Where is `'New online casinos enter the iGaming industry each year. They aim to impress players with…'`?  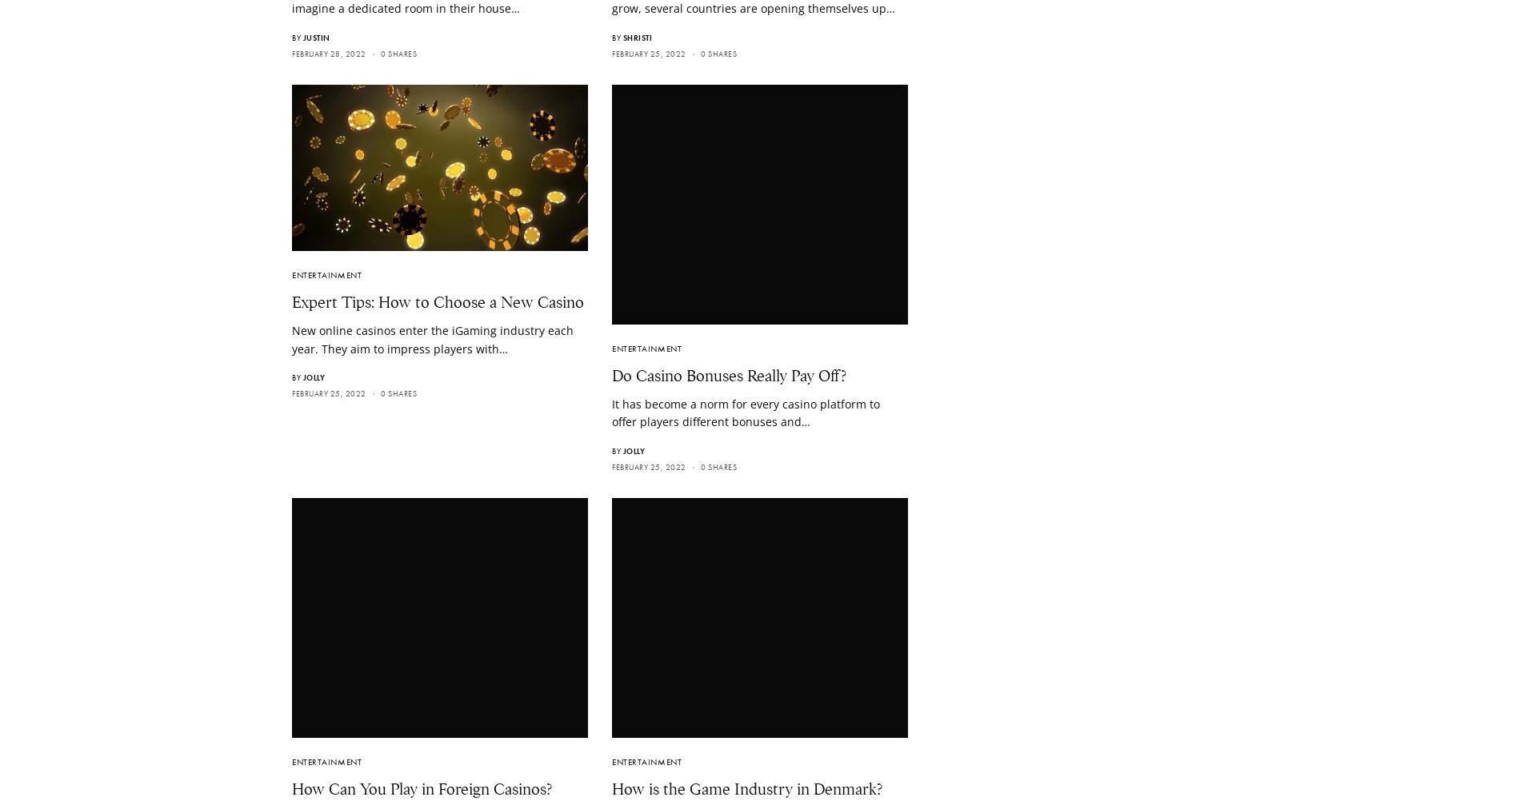 'New online casinos enter the iGaming industry each year. They aim to impress players with…' is located at coordinates (432, 339).